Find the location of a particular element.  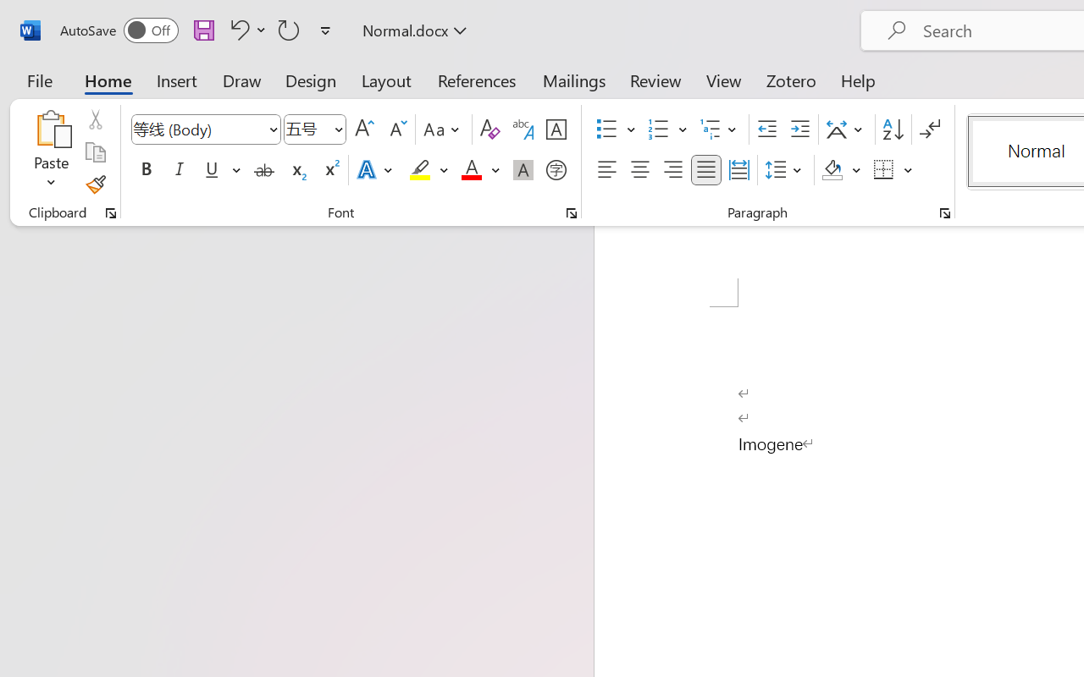

'Grow Font' is located at coordinates (363, 129).